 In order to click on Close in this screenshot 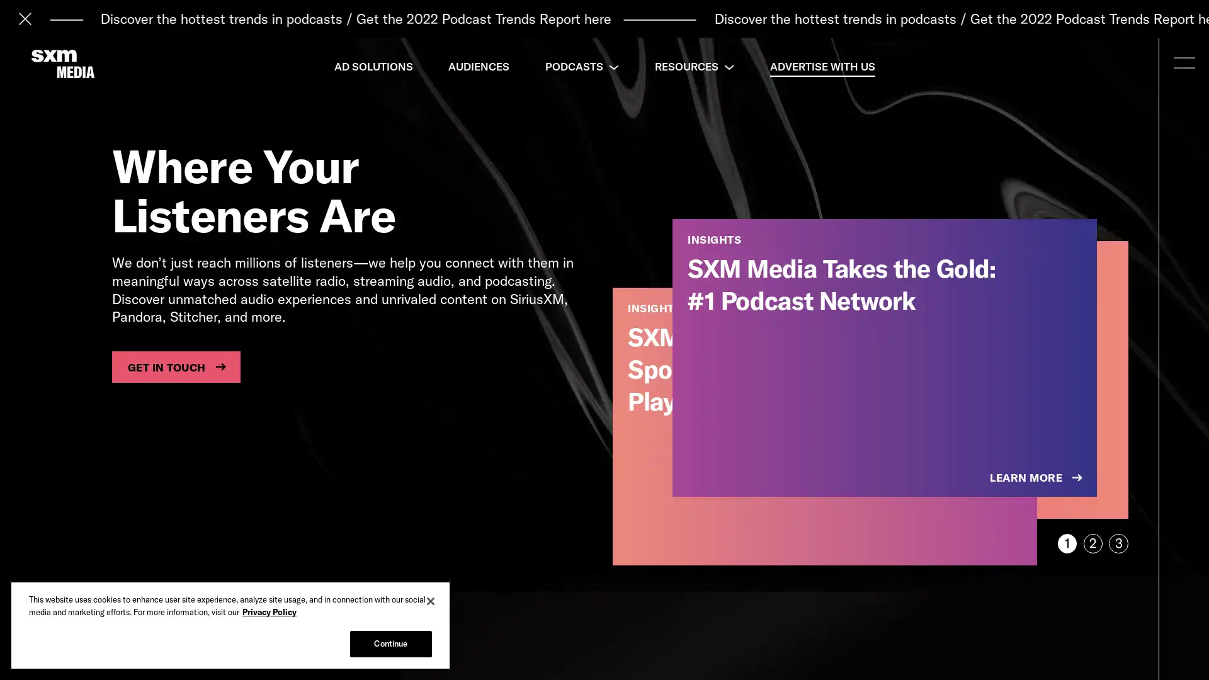, I will do `click(431, 601)`.